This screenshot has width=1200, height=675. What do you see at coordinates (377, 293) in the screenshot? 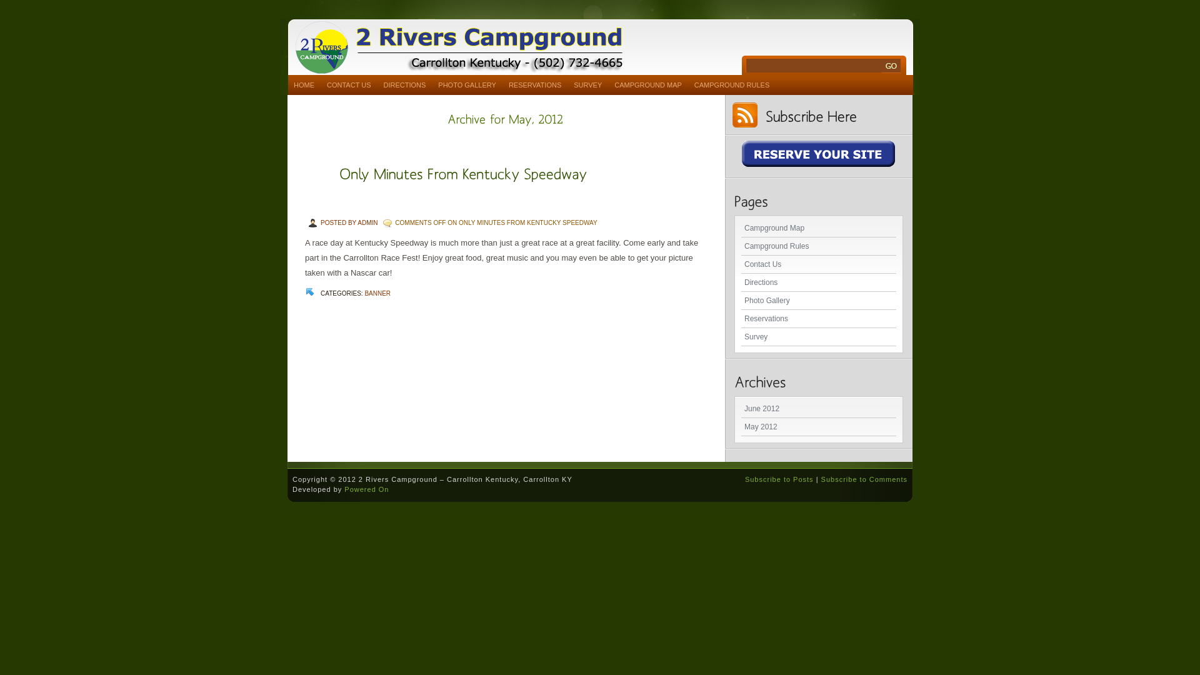
I see `'BANNER'` at bounding box center [377, 293].